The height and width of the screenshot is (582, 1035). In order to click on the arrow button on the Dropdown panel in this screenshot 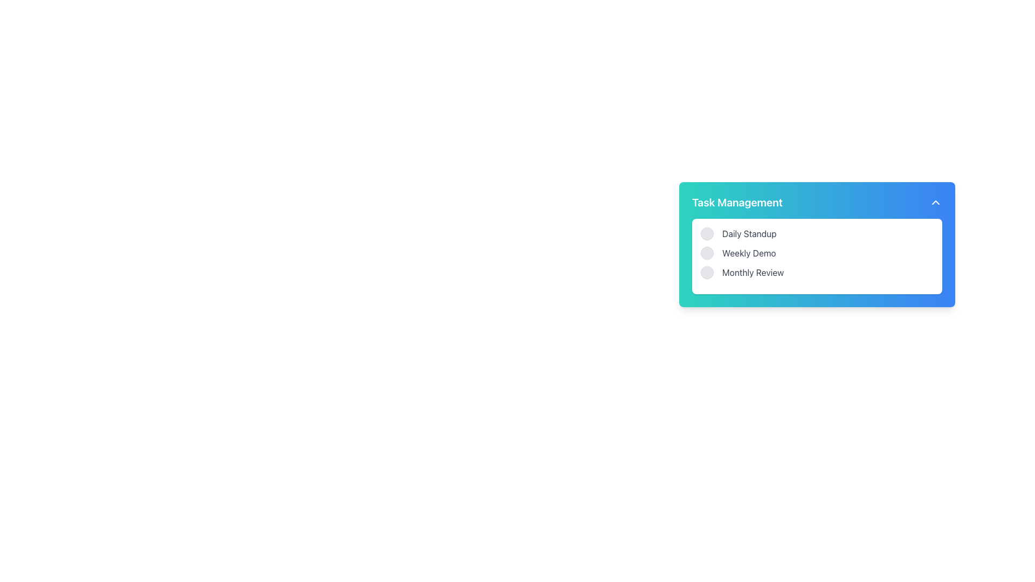, I will do `click(817, 307)`.